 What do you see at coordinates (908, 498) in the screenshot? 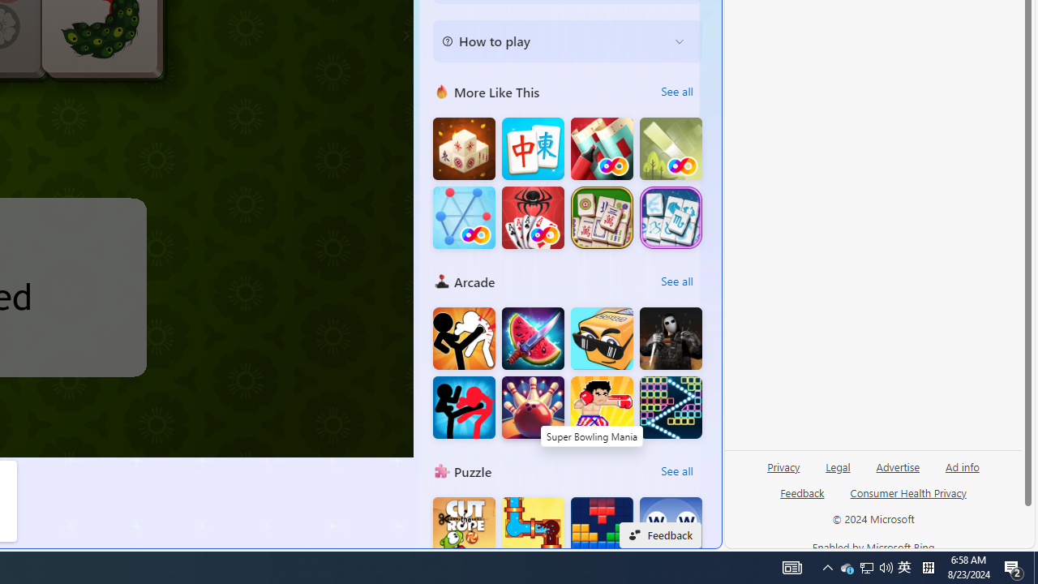
I see `'Consumer Health Privacy'` at bounding box center [908, 498].